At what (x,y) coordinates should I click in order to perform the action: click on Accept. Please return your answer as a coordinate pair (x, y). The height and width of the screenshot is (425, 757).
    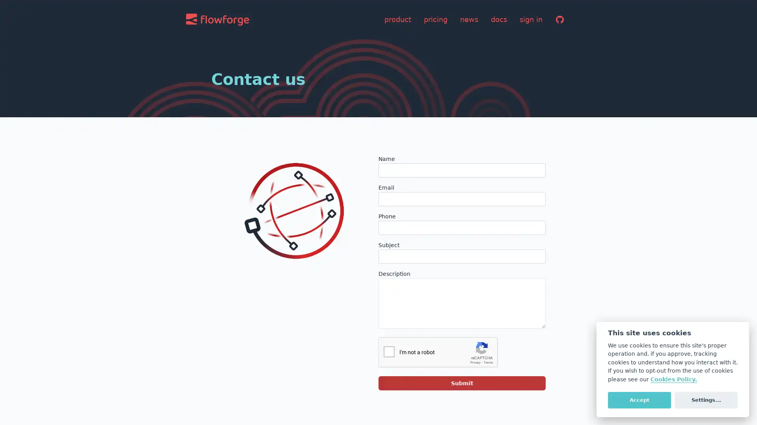
    Looking at the image, I should click on (639, 399).